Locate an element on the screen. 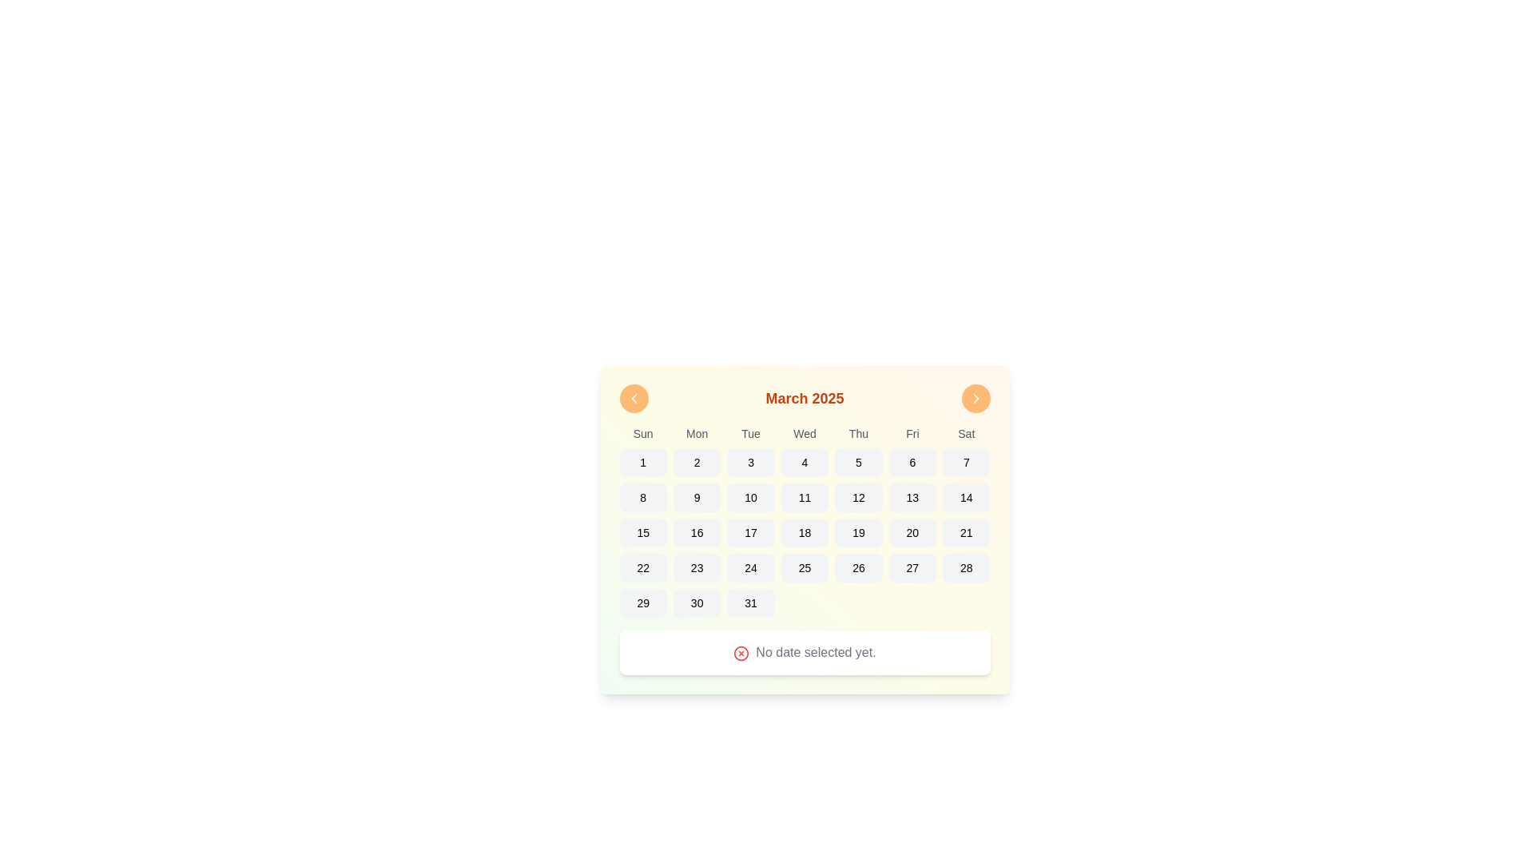 This screenshot has width=1534, height=863. the Chevron icon in the circular button that allows navigation to the previous month, which is located to the left of the calendar title for March 2025 is located at coordinates (633, 397).